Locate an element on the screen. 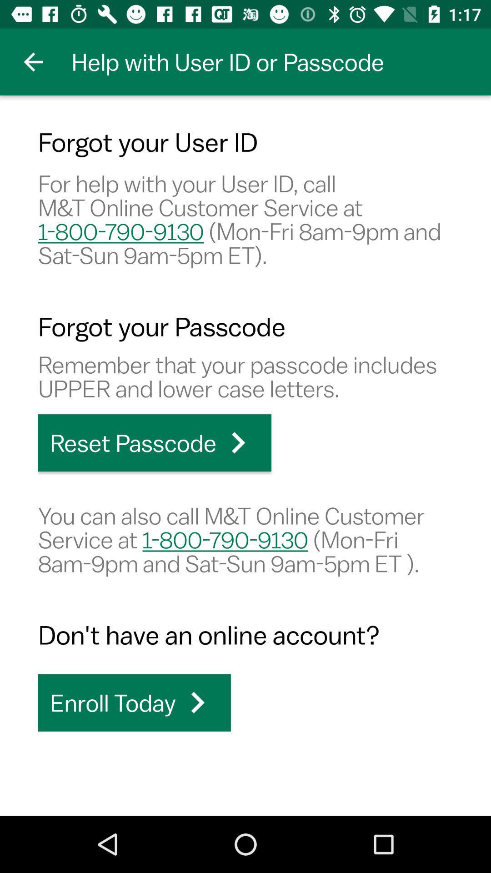  app to the left of help with user item is located at coordinates (33, 61).